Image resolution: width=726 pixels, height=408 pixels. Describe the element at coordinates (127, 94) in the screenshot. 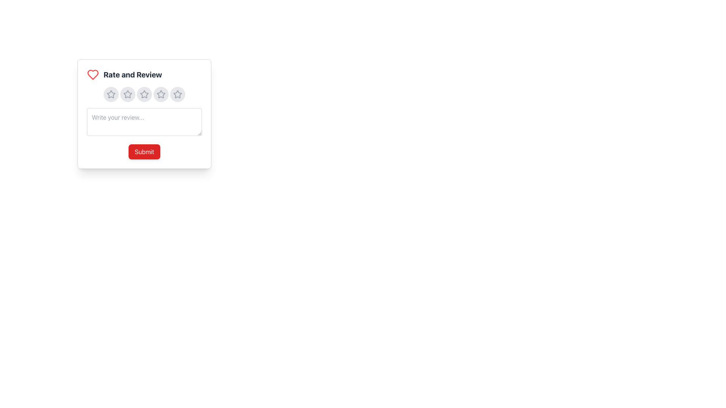

I see `the second star icon` at that location.